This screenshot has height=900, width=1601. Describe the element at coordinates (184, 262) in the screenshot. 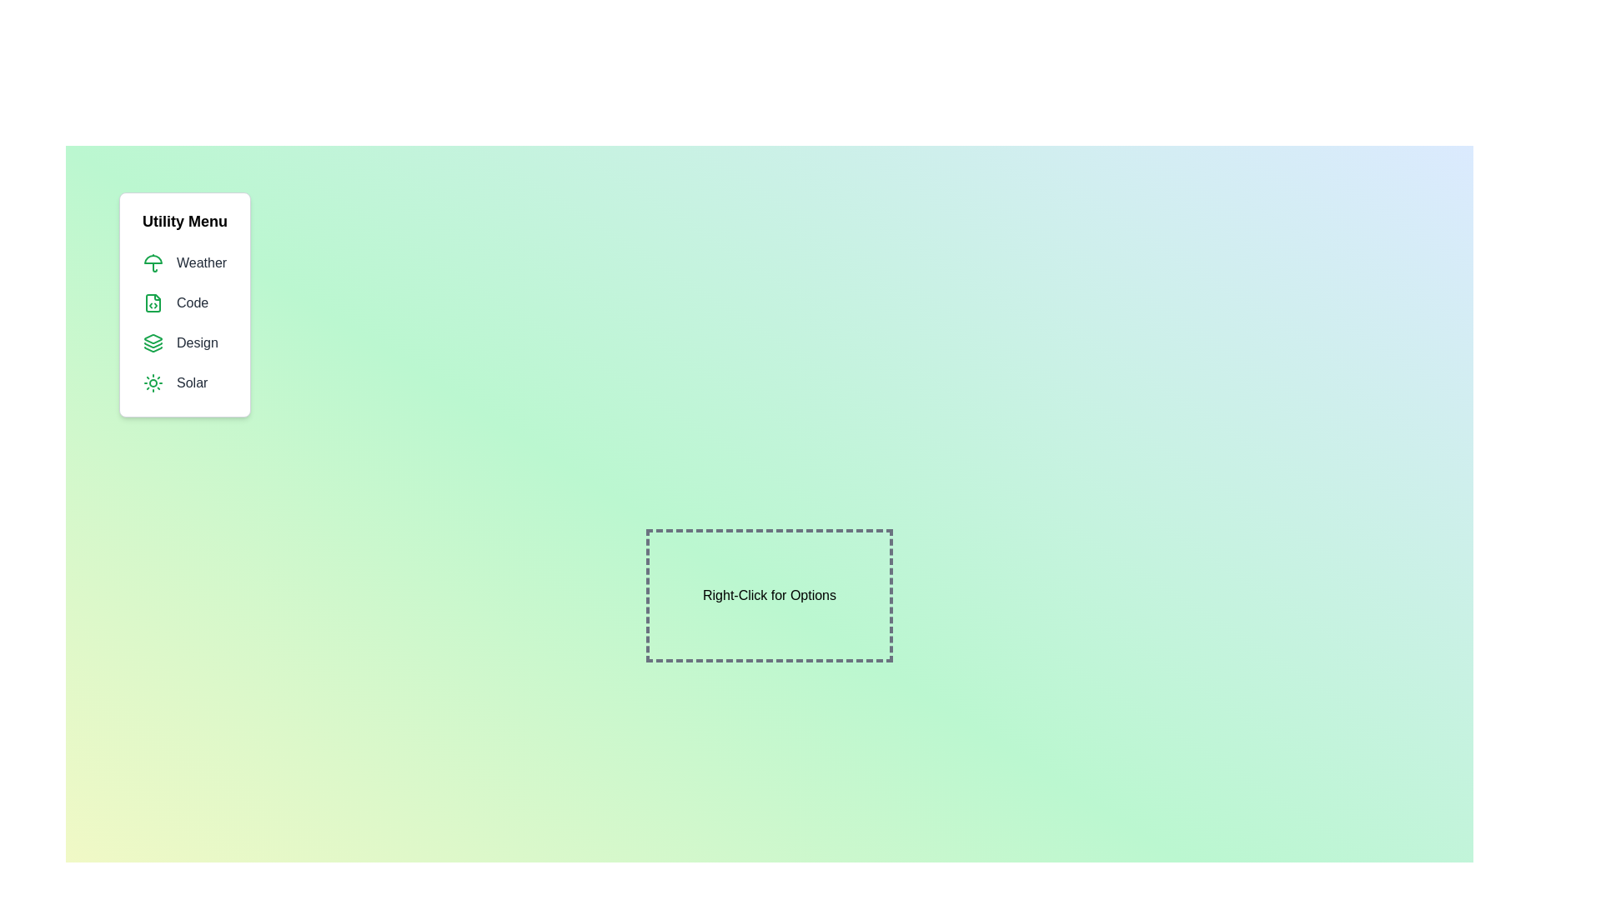

I see `the menu item Weather from the menu` at that location.